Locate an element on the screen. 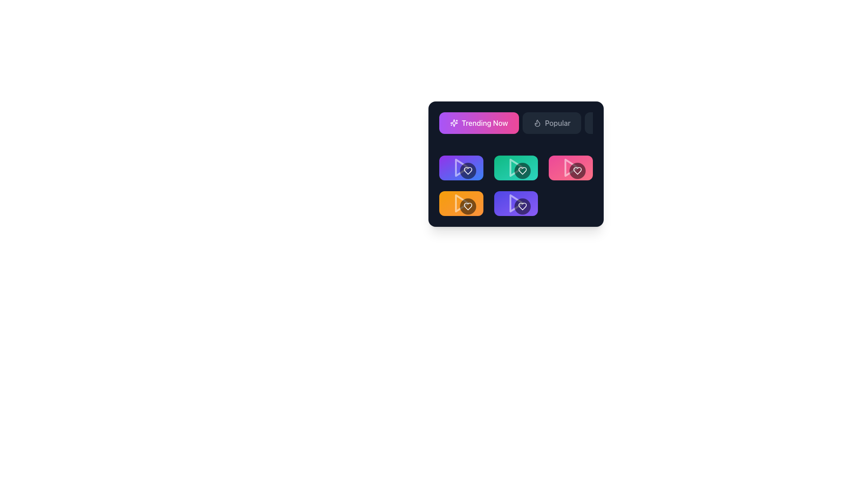 The height and width of the screenshot is (487, 865). the star-like icon with sparkles located to the left of the 'Trending Now' label on the gradient pink button is located at coordinates (454, 123).